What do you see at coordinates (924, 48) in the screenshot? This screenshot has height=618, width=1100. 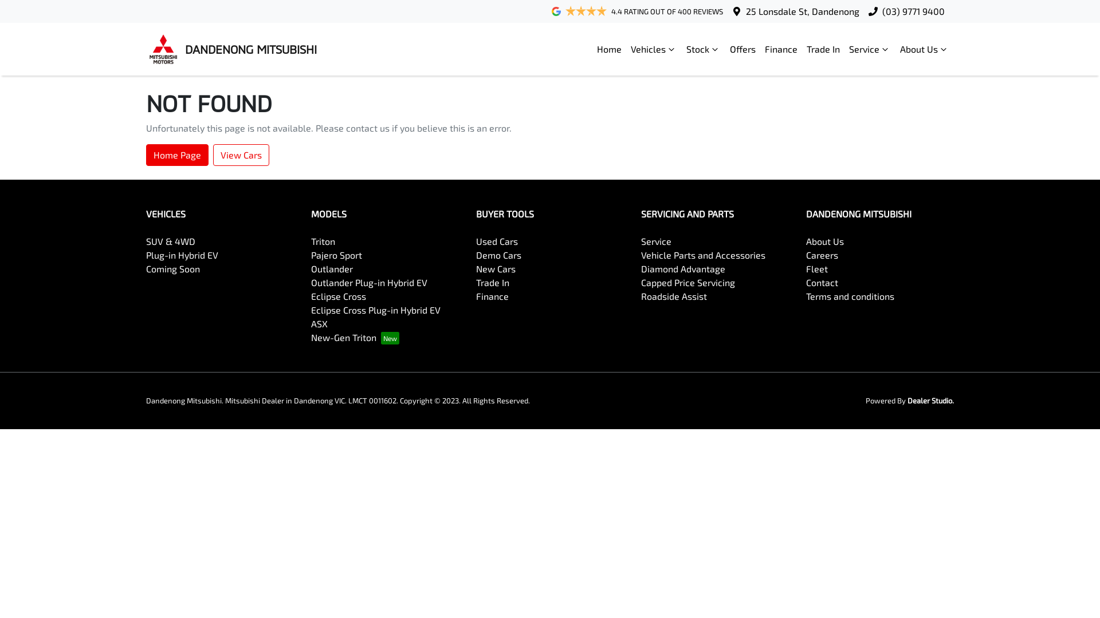 I see `'About Us'` at bounding box center [924, 48].